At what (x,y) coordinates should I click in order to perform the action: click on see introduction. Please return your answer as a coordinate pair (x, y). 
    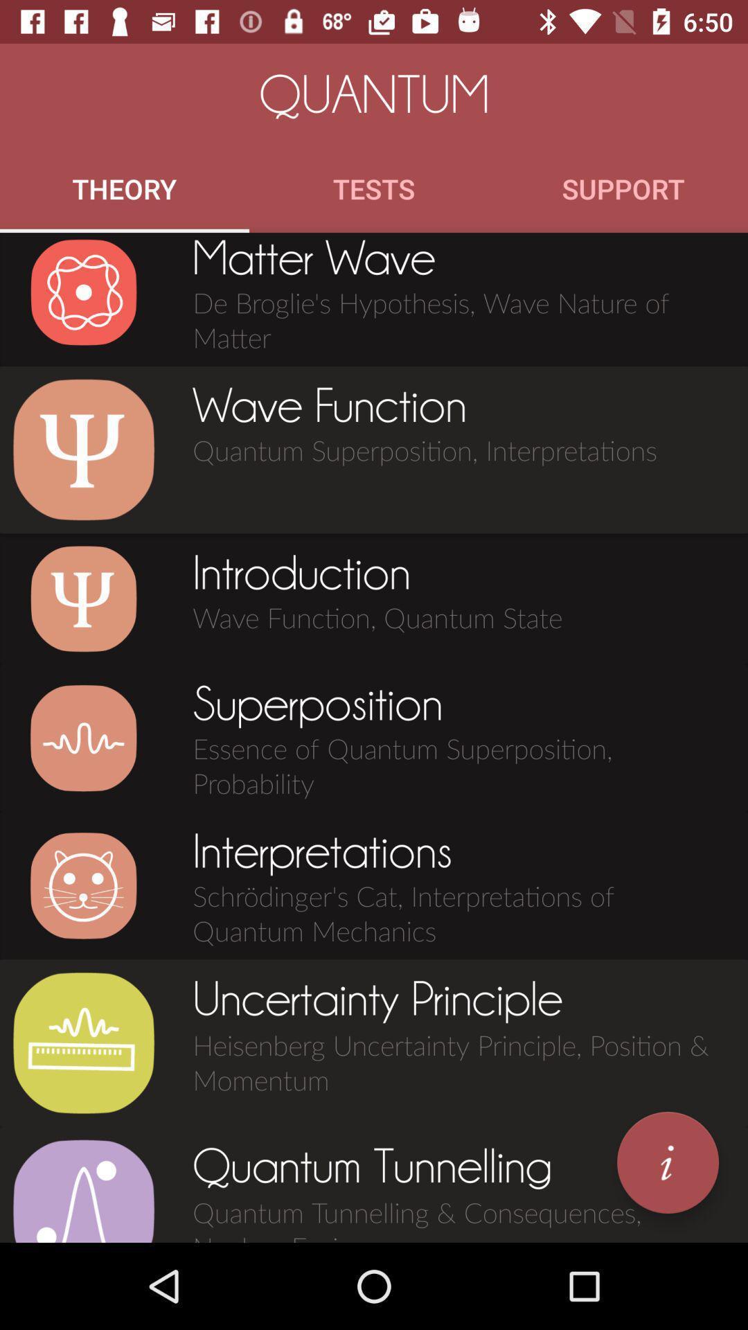
    Looking at the image, I should click on (83, 598).